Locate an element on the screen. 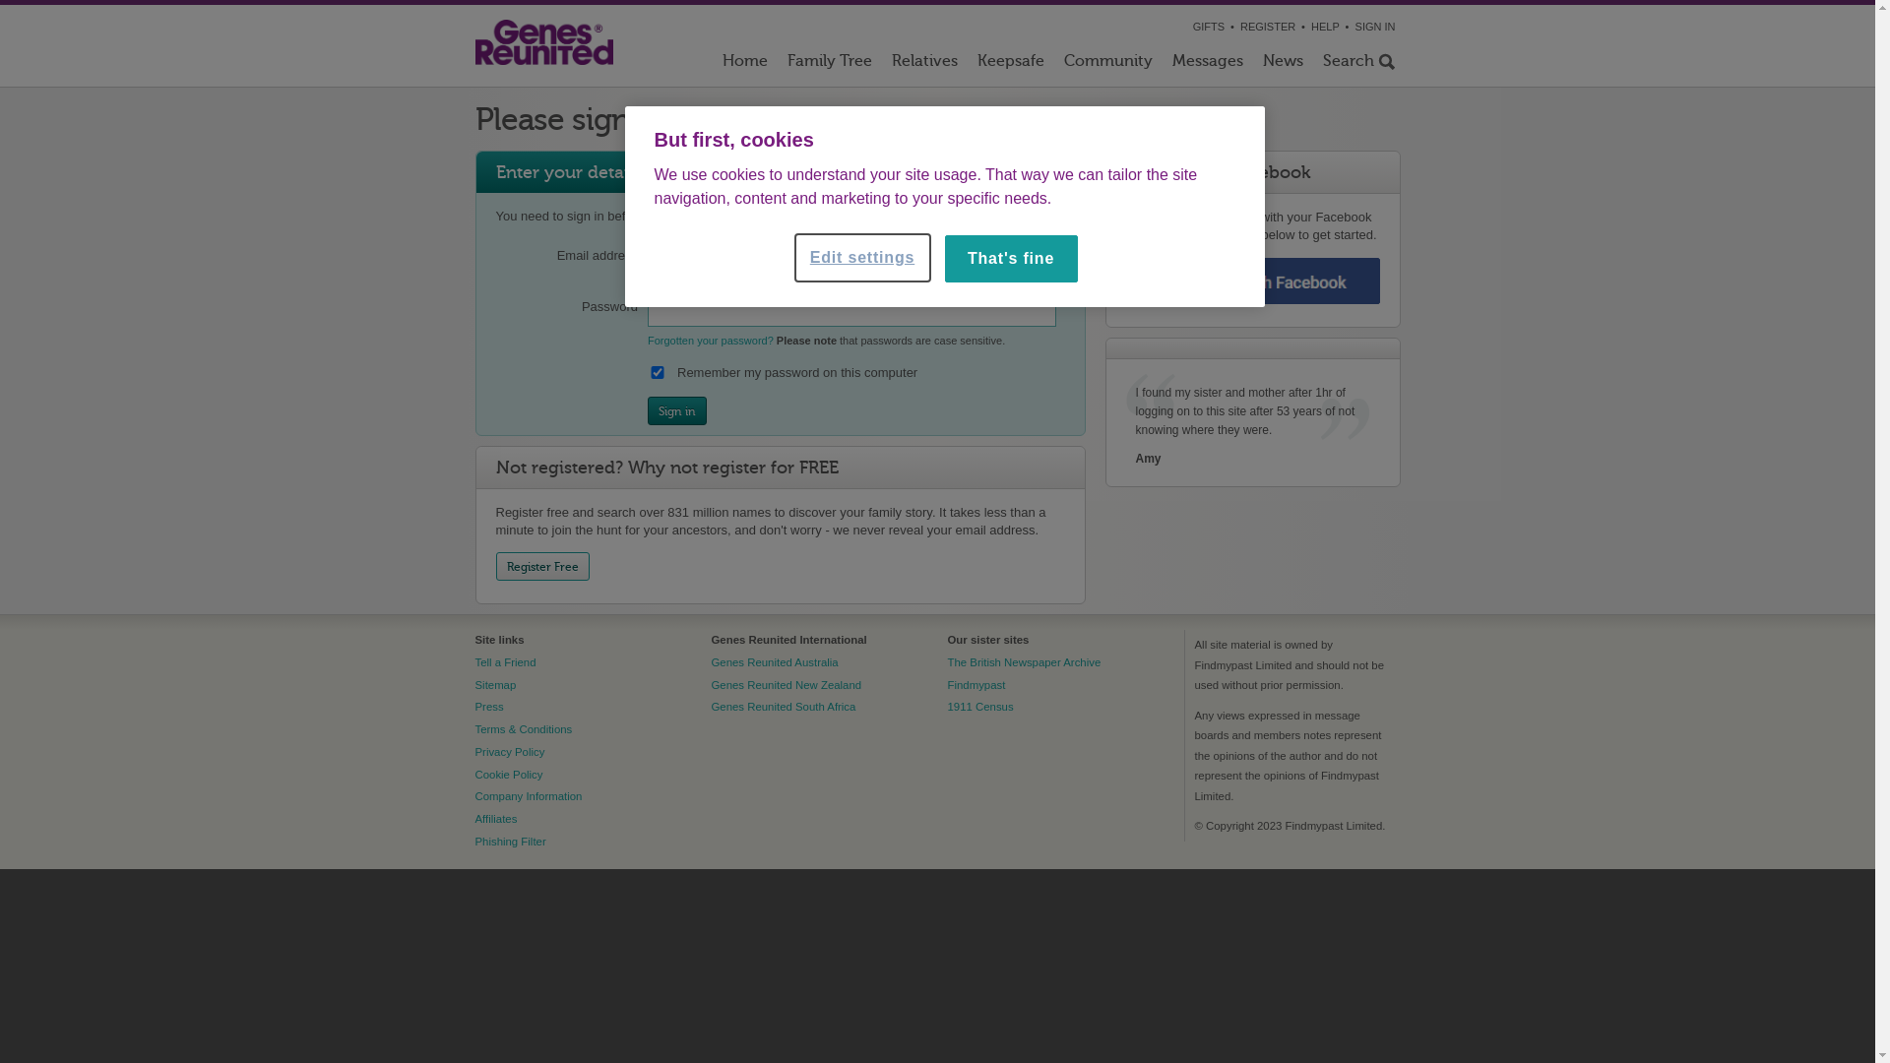  'Home' is located at coordinates (744, 64).